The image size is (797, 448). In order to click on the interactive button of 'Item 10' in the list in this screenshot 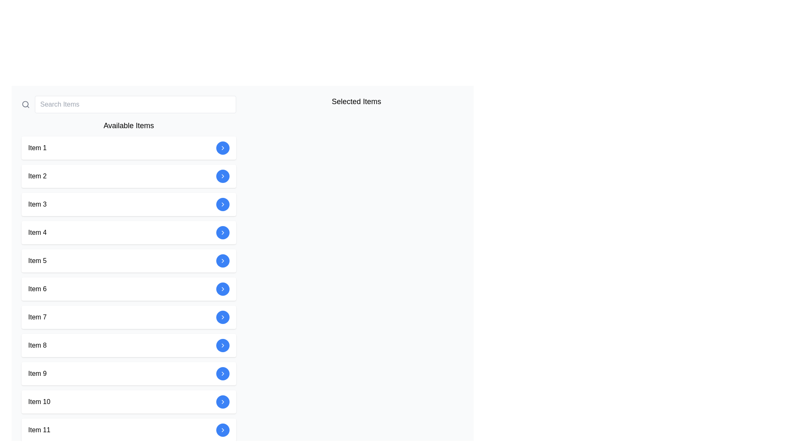, I will do `click(128, 401)`.